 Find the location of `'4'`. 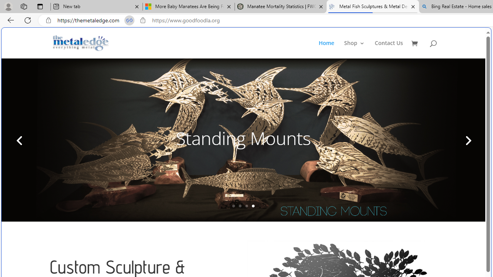

'4' is located at coordinates (253, 205).